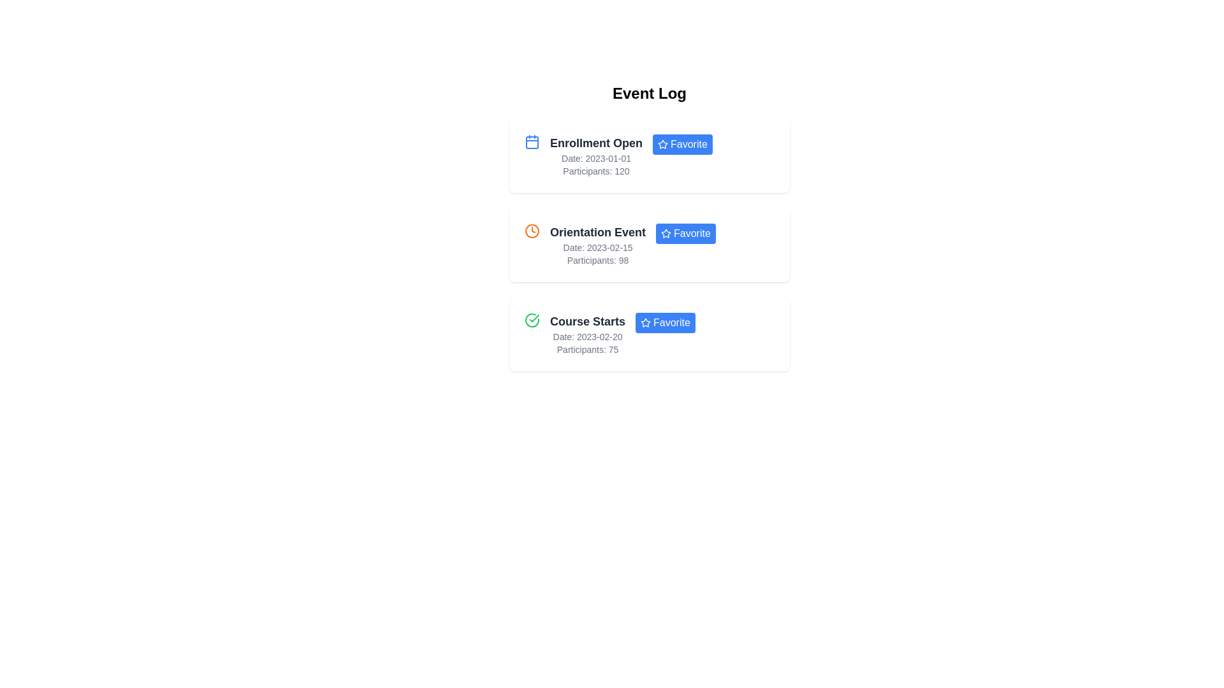 The image size is (1224, 688). Describe the element at coordinates (681, 144) in the screenshot. I see `the 'Favorite' button with a blue background and white text, located in the 'Enrollment Open' card` at that location.